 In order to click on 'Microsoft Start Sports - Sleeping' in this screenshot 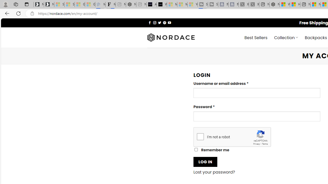, I will do `click(172, 4)`.